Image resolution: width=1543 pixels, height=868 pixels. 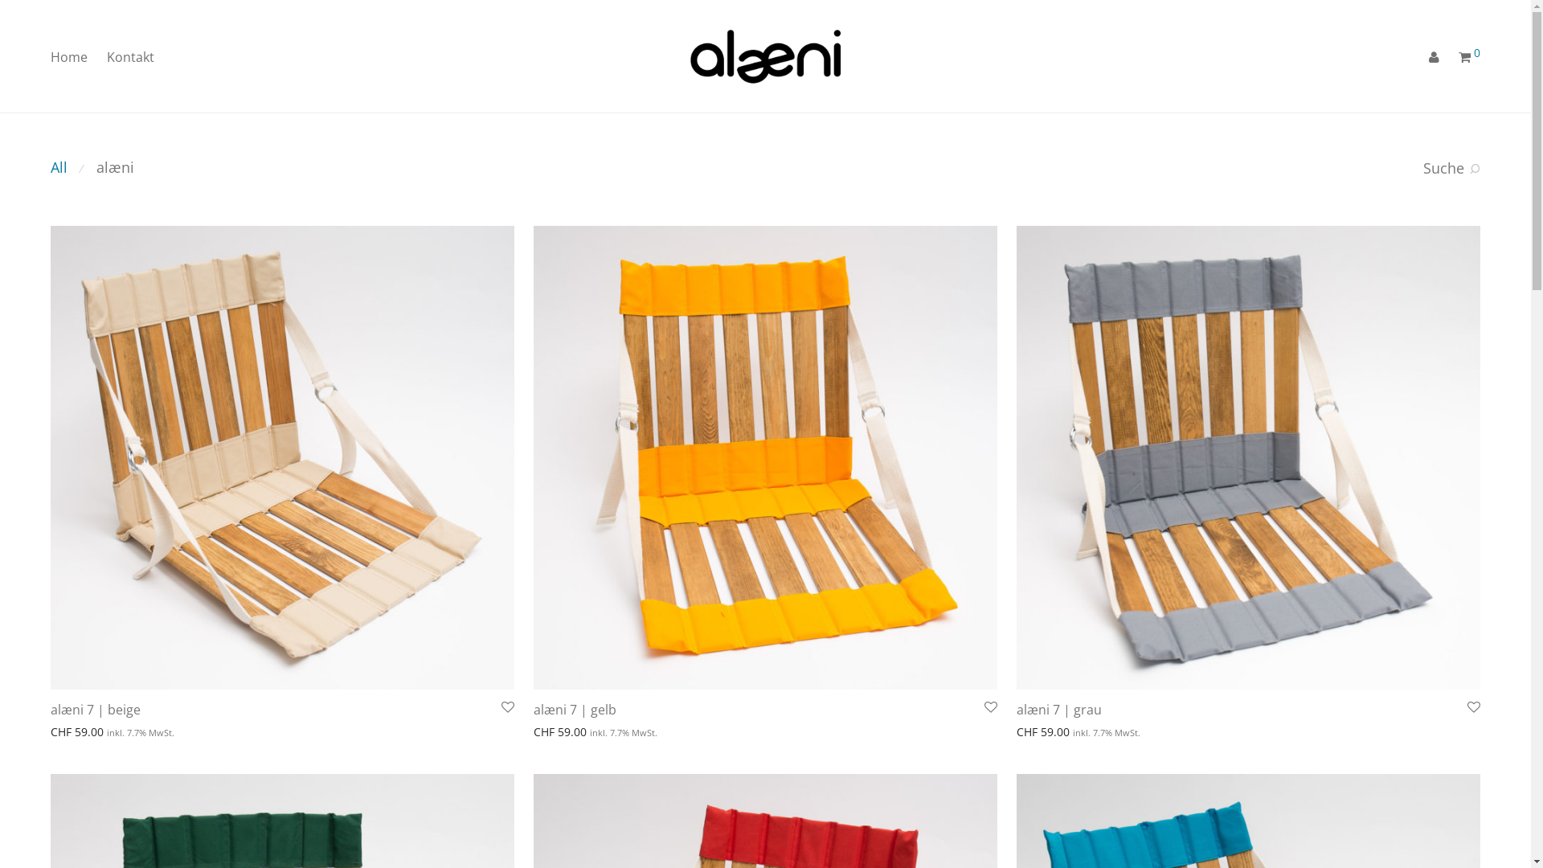 What do you see at coordinates (1451, 167) in the screenshot?
I see `'Suche'` at bounding box center [1451, 167].